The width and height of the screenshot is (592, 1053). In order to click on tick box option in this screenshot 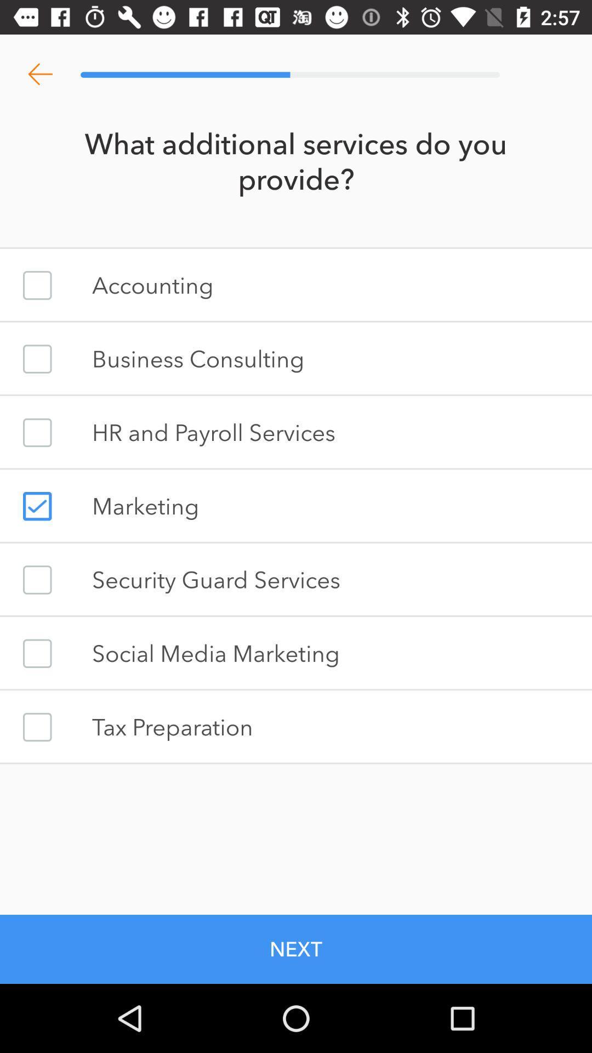, I will do `click(37, 359)`.